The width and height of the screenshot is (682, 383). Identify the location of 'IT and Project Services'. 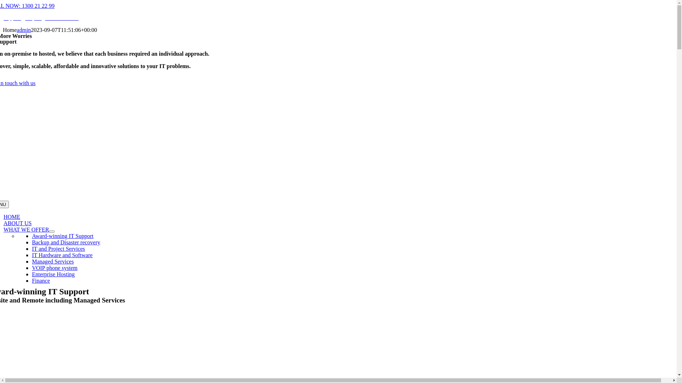
(58, 248).